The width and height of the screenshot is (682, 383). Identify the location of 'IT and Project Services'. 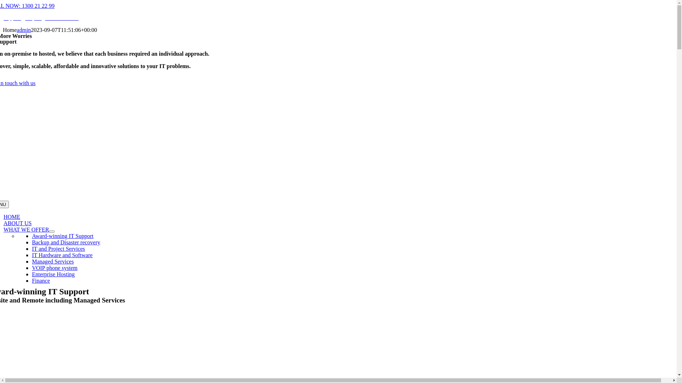
(58, 248).